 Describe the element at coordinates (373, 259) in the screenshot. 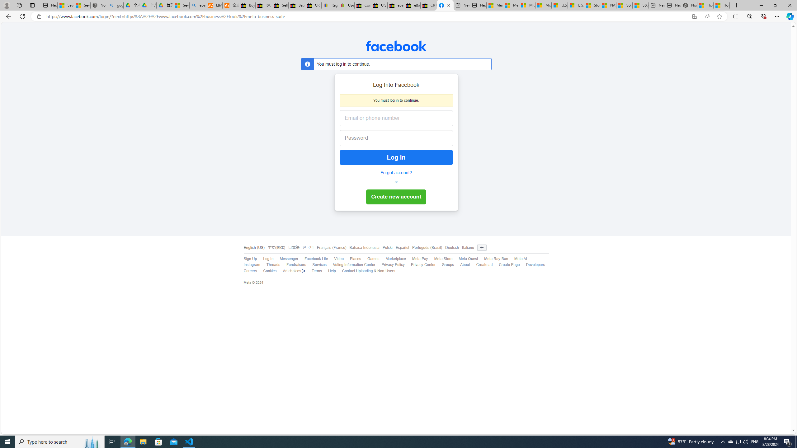

I see `'Games'` at that location.